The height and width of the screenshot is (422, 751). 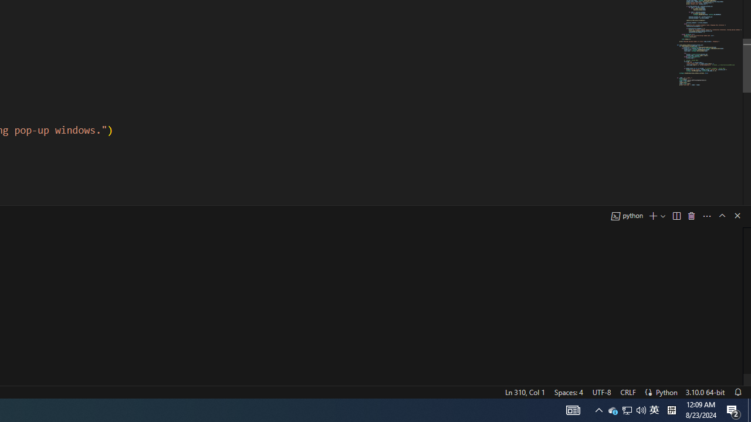 I want to click on 'Hide Panel', so click(x=736, y=215).